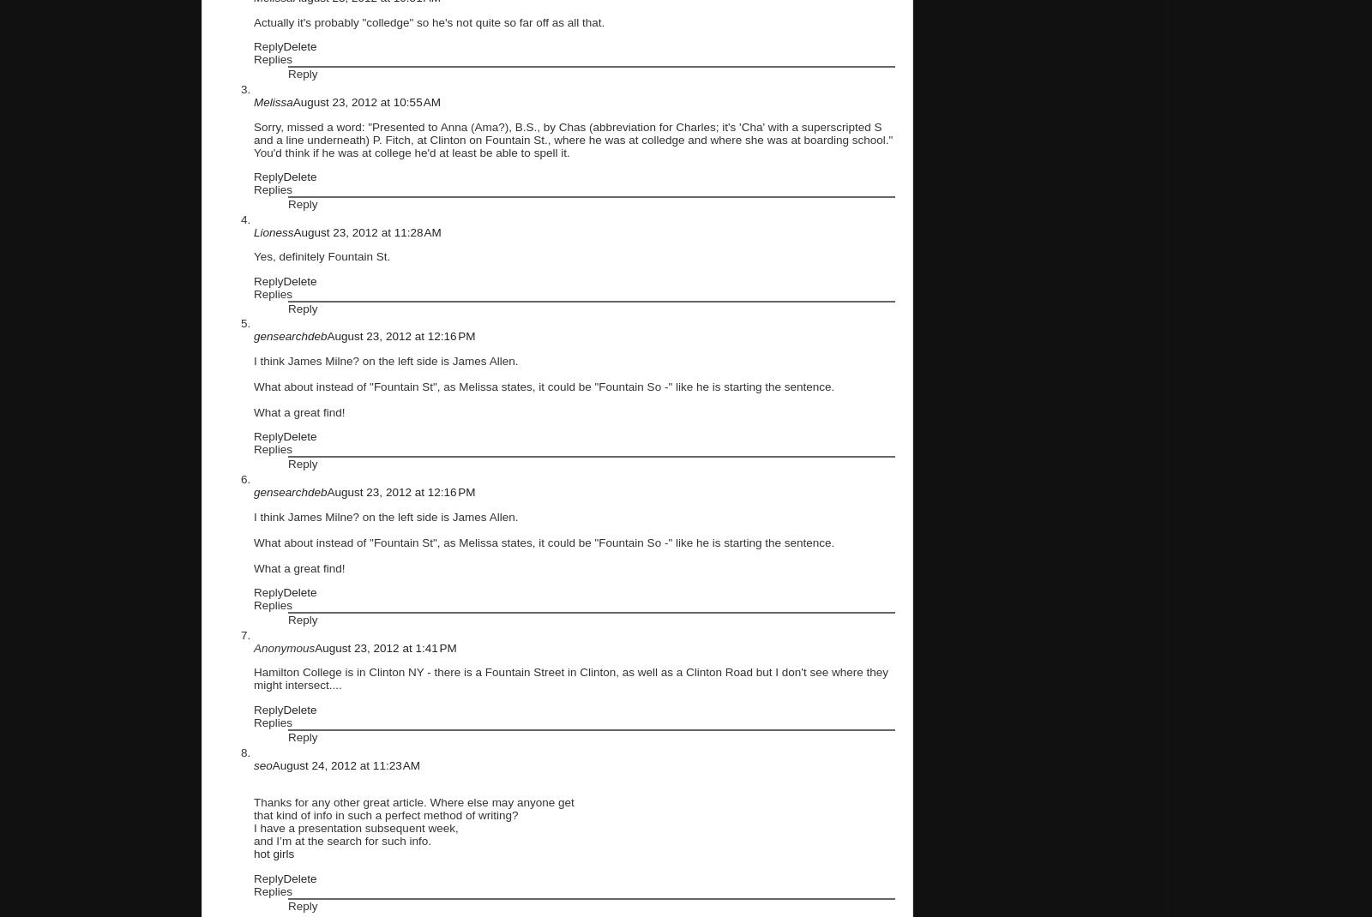 The width and height of the screenshot is (1372, 917). I want to click on 'August 23, 2012 at 1:41 PM', so click(384, 646).